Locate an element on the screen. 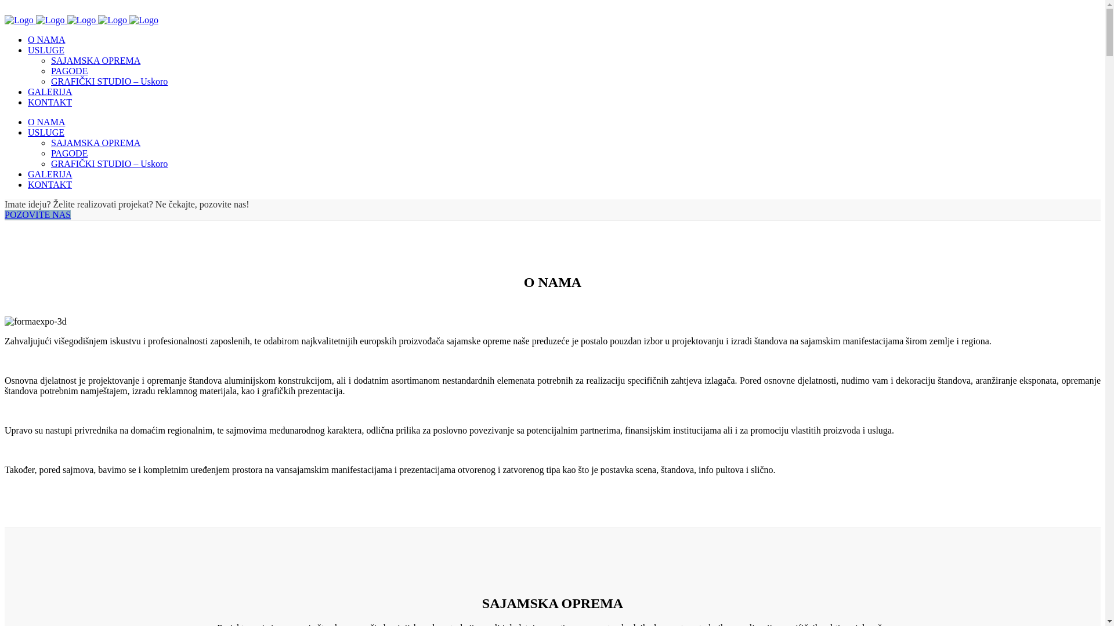 This screenshot has width=1114, height=626. 'O NAMA' is located at coordinates (28, 122).